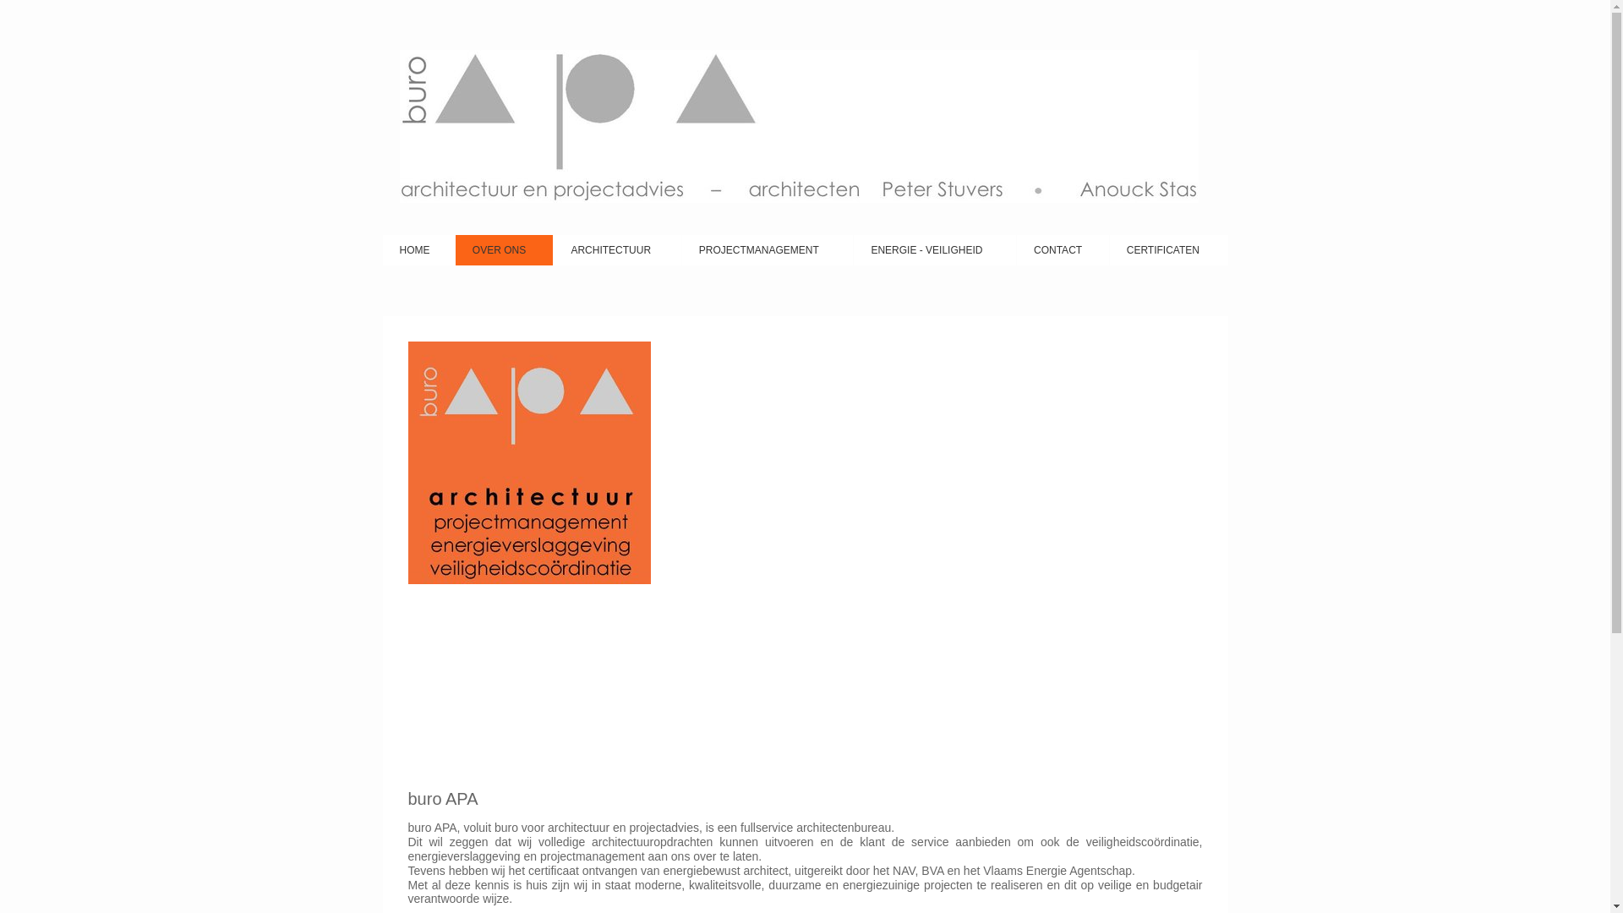 The height and width of the screenshot is (913, 1623). I want to click on 'OVER ONS', so click(503, 250).